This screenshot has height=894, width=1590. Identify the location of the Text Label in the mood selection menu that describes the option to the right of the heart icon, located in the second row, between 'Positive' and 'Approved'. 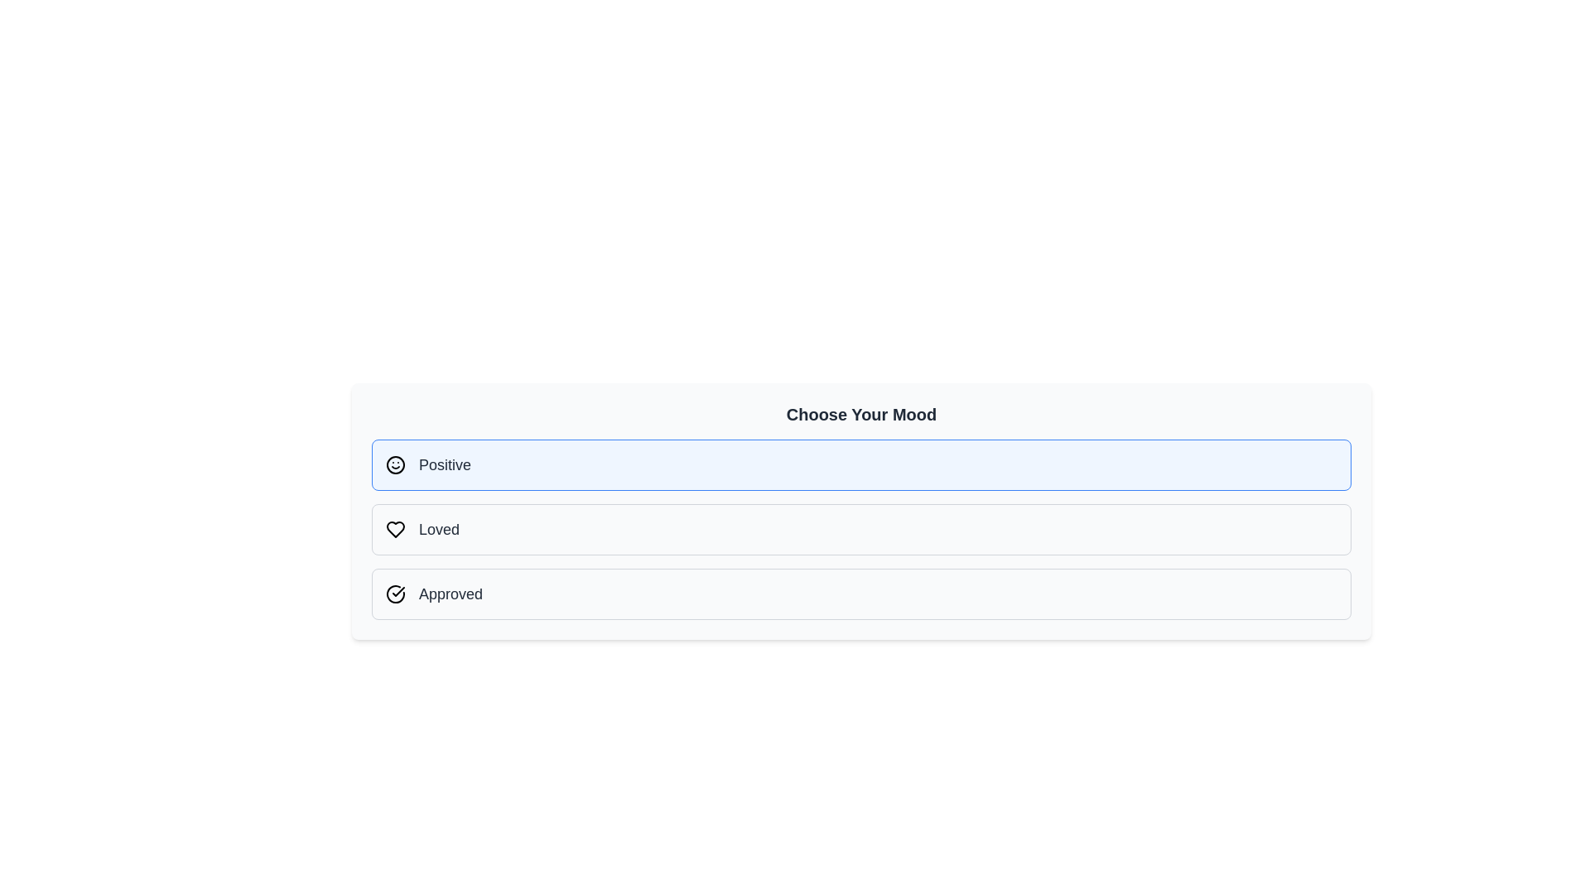
(439, 530).